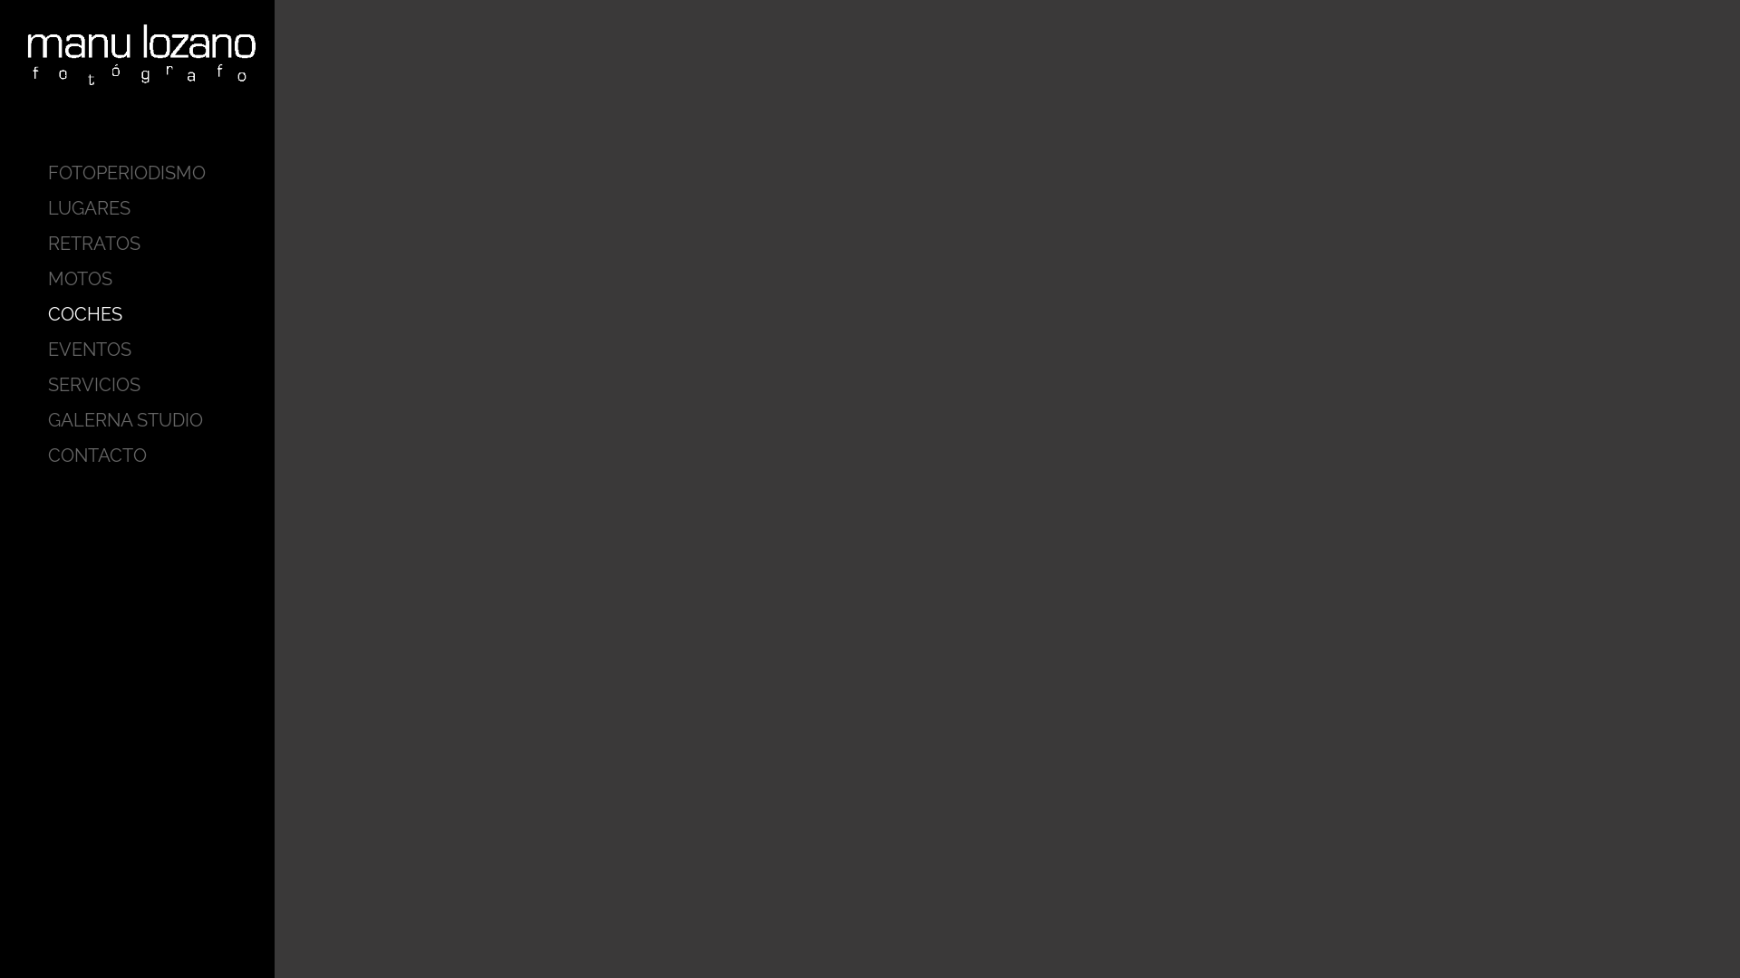 The image size is (1740, 978). I want to click on 'RETRATOS', so click(125, 243).